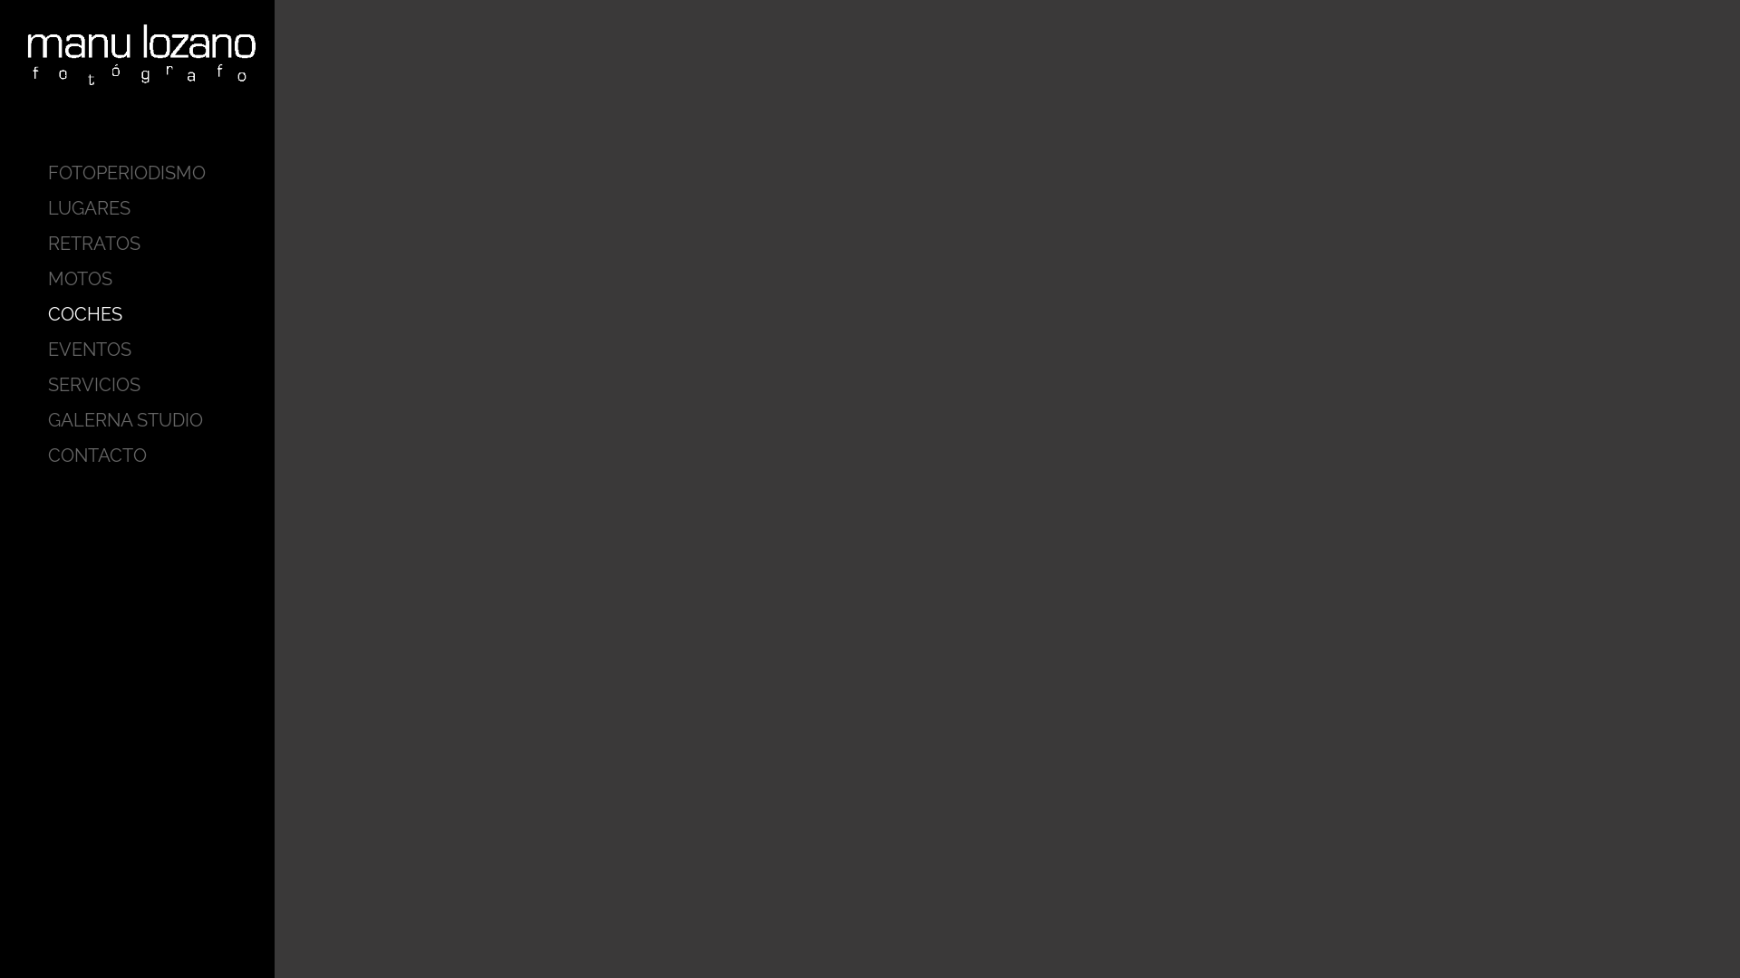 The image size is (1740, 978). I want to click on 'RETRATOS', so click(125, 243).